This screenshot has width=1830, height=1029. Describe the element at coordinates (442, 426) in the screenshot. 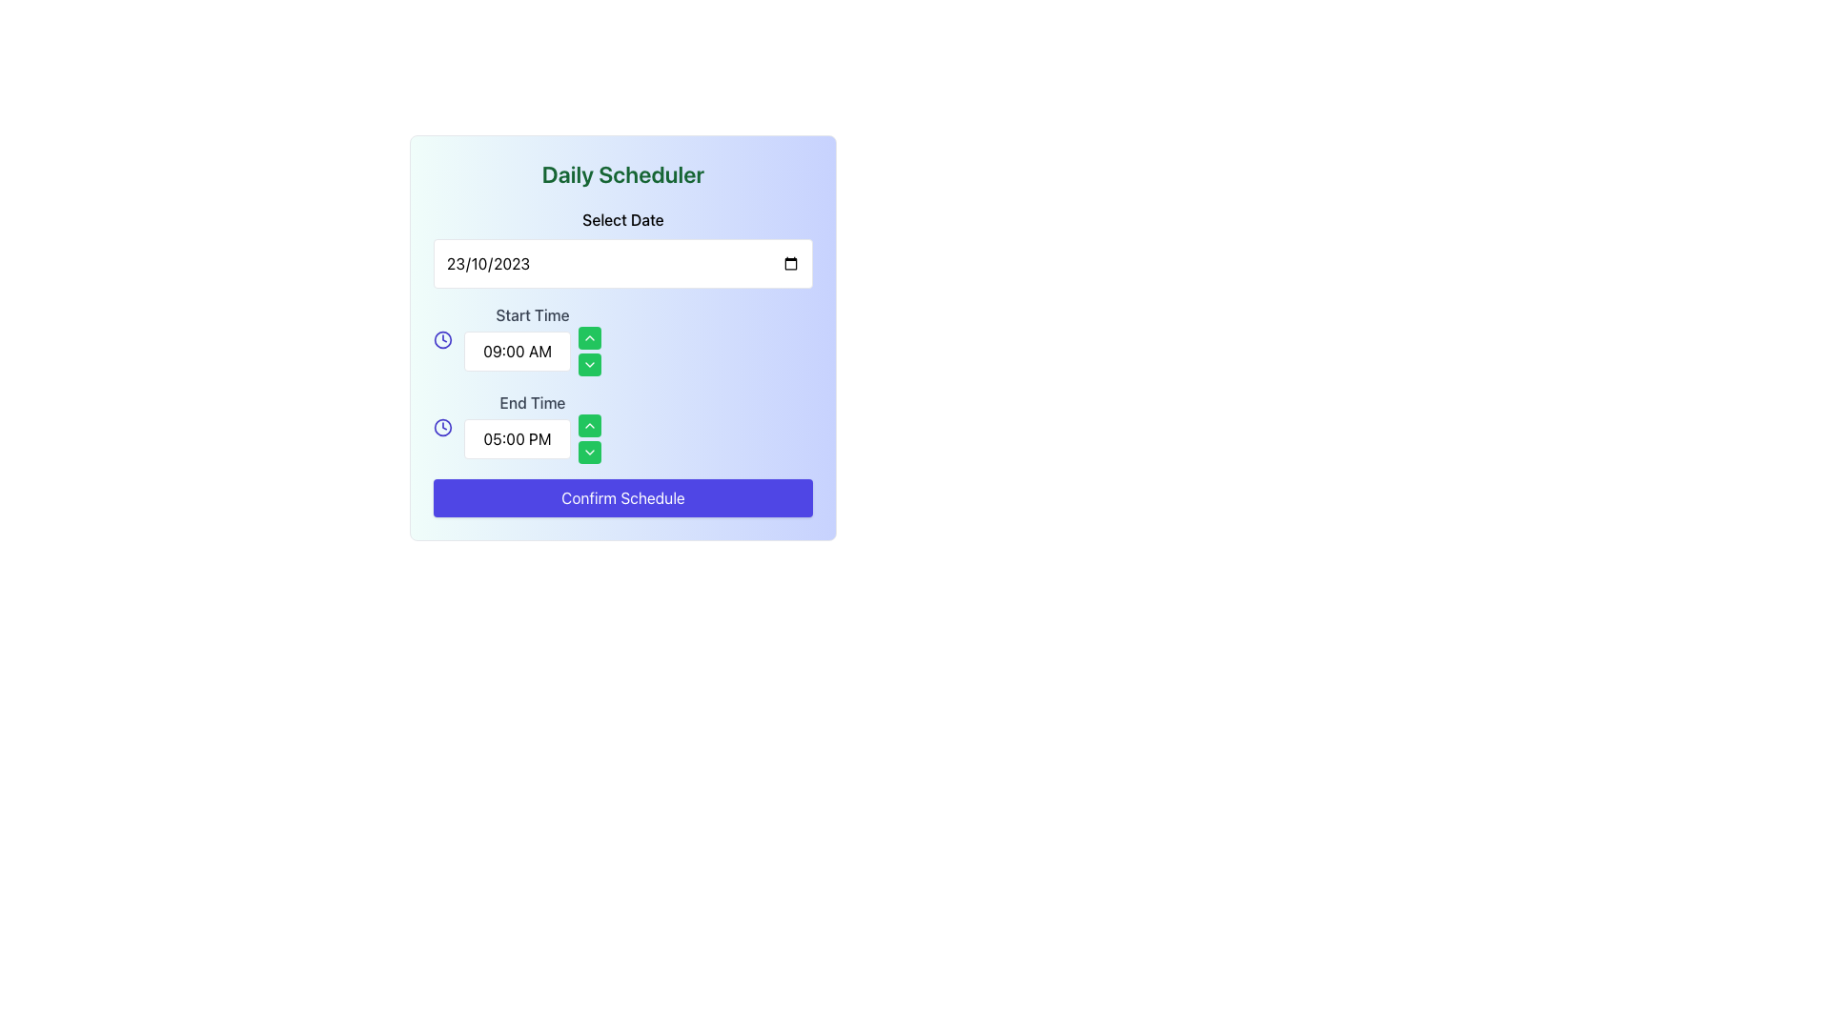

I see `the circular indigo blue clock icon located next to the 'End Time' label and to the left of the time input box` at that location.